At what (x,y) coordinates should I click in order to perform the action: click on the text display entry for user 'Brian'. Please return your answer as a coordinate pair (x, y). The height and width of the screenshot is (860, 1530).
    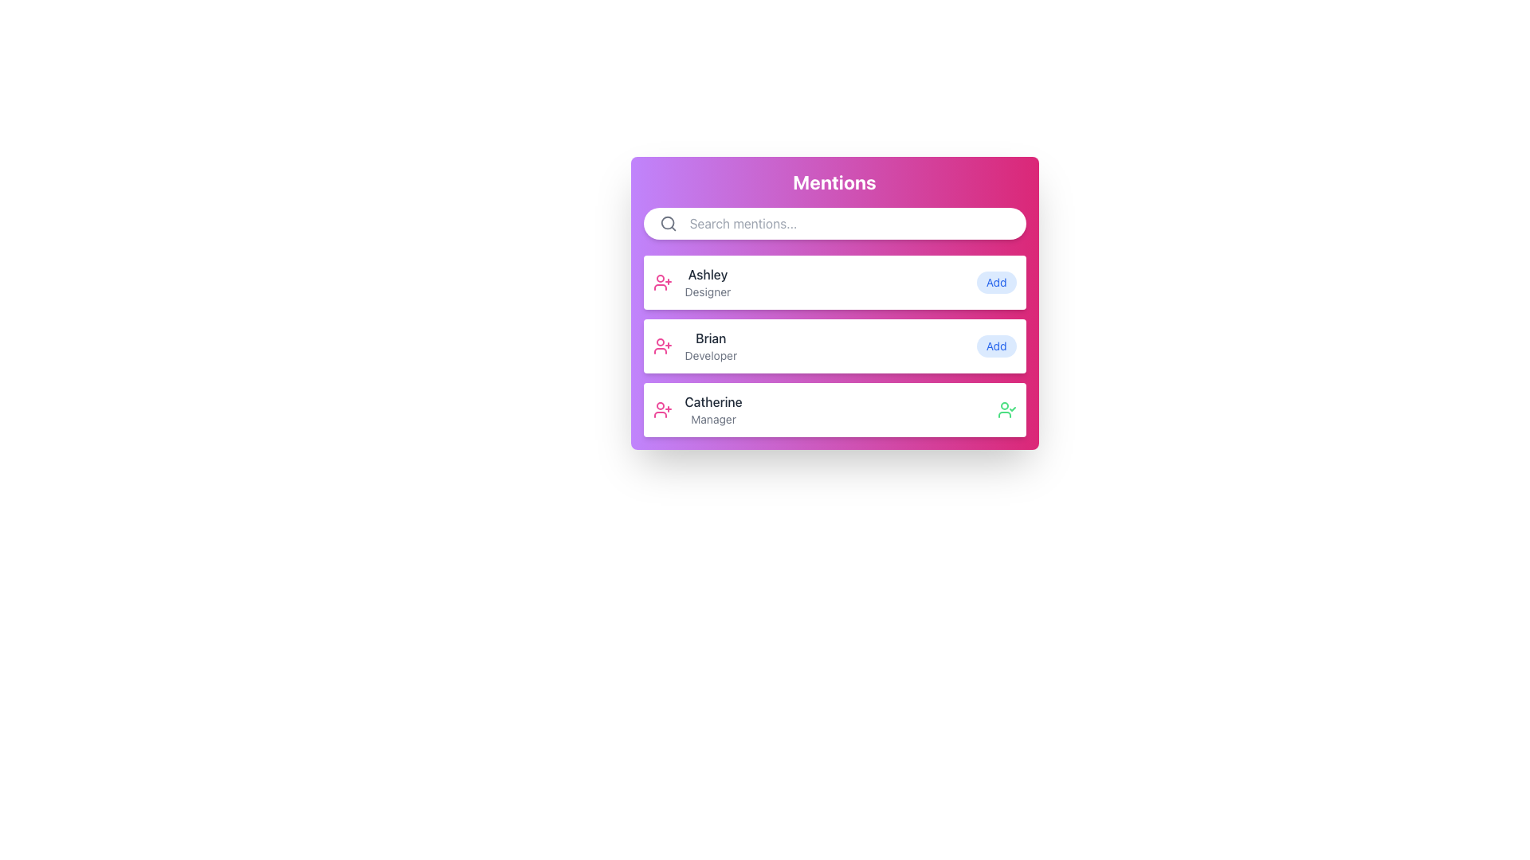
    Looking at the image, I should click on (695, 346).